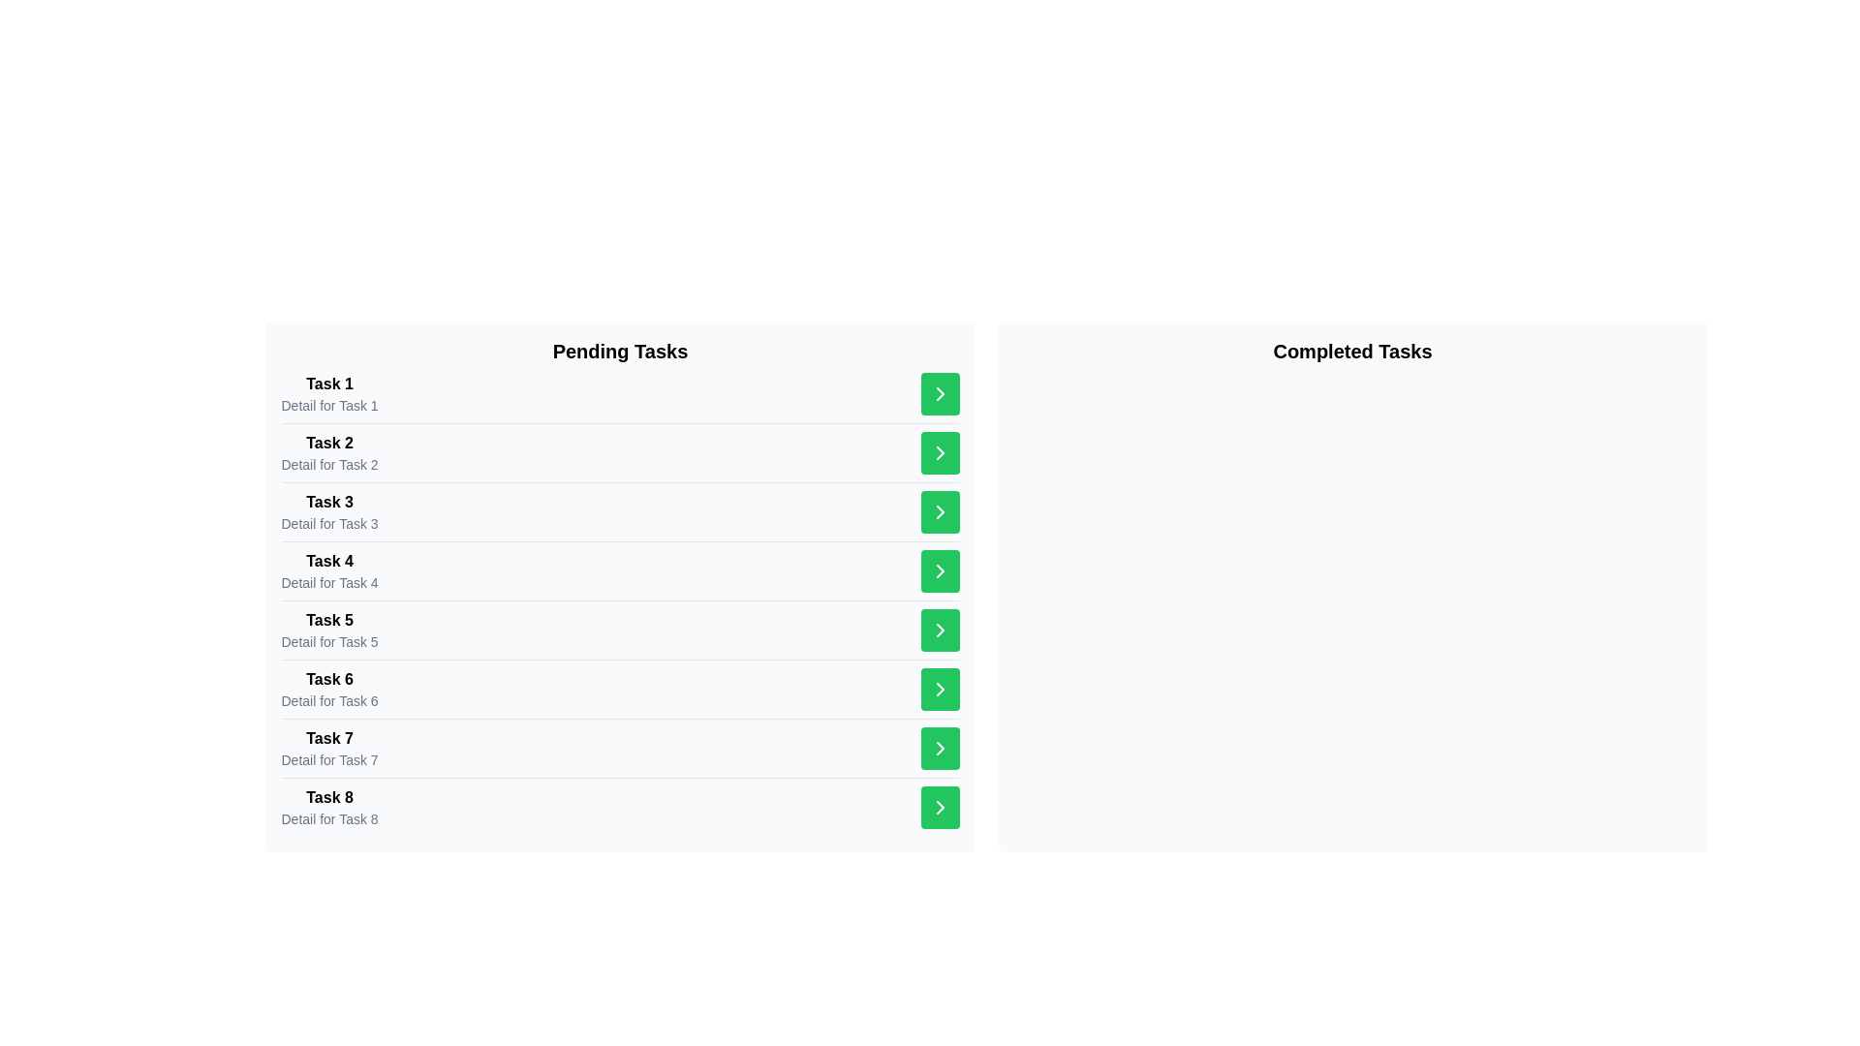  Describe the element at coordinates (329, 570) in the screenshot. I see `text of the List Item displaying 'Task 4' in bold and 'Detail for Task 4' in gray, located in the fourth position under 'Pending Tasks'` at that location.